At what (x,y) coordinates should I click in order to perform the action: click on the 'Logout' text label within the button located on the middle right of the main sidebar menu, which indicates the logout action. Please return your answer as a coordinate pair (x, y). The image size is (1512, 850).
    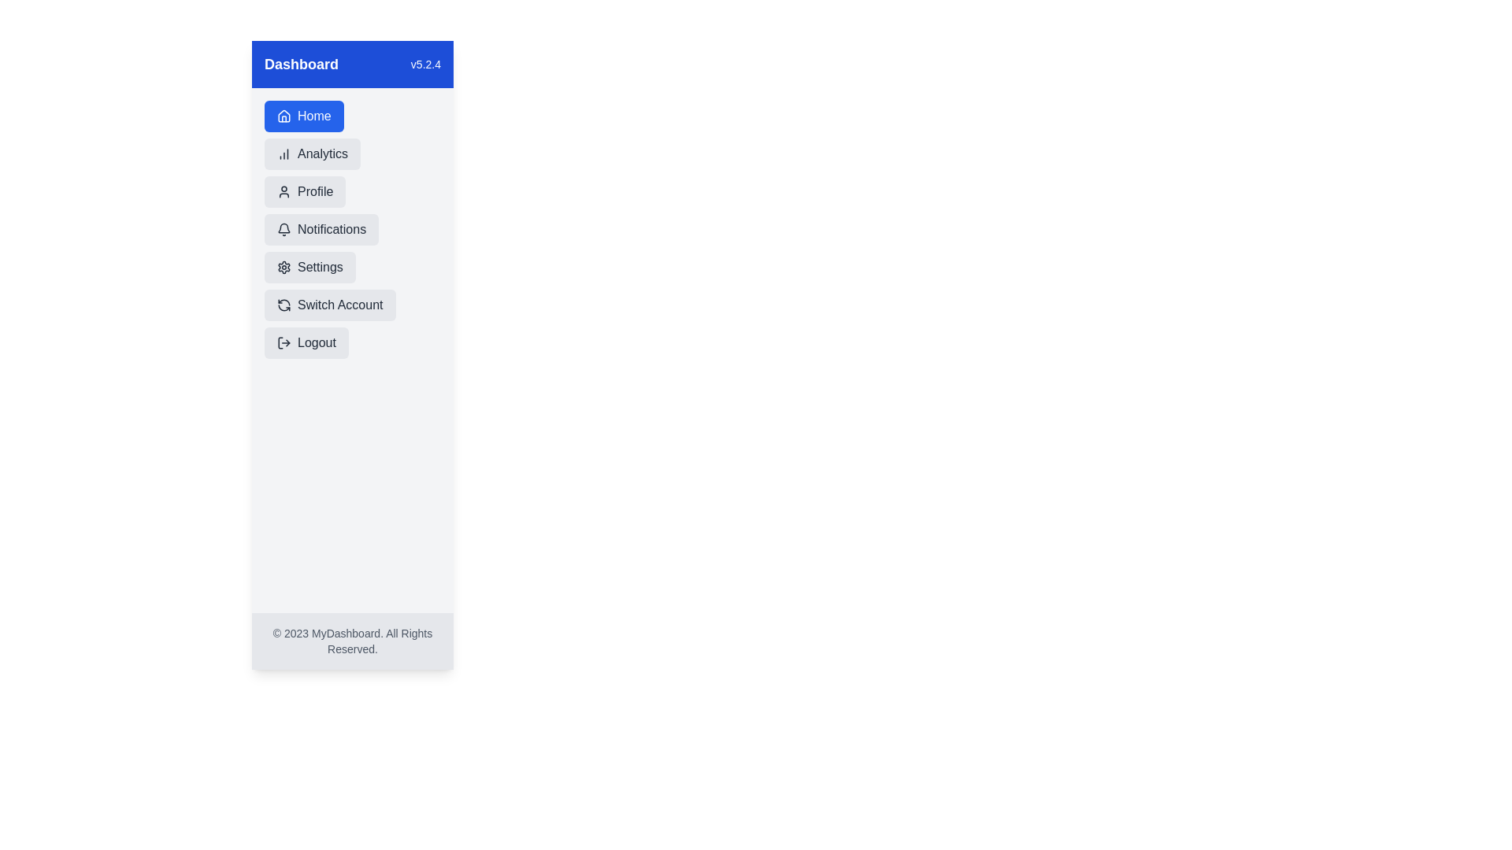
    Looking at the image, I should click on (316, 342).